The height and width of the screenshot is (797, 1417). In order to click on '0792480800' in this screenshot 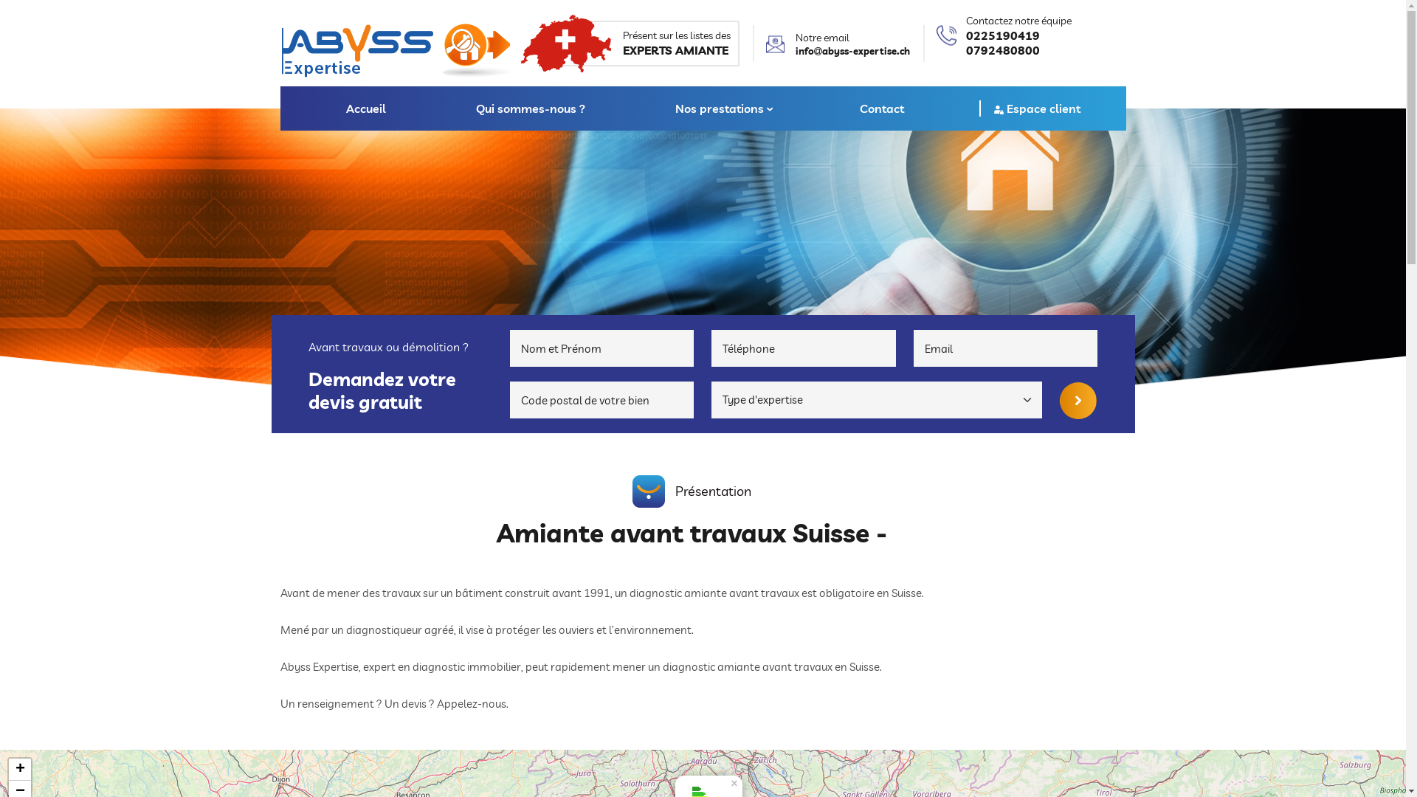, I will do `click(1017, 49)`.